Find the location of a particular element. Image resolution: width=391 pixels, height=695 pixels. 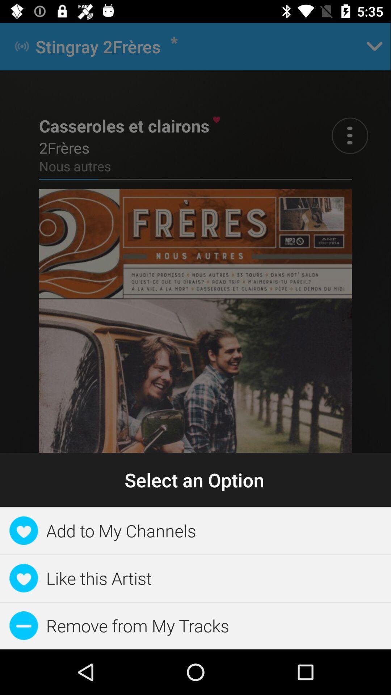

the minus icon is located at coordinates (273, 552).